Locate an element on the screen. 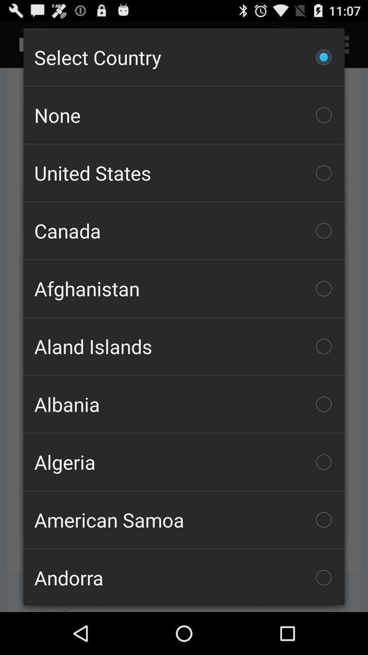 The height and width of the screenshot is (655, 368). the none is located at coordinates (184, 115).